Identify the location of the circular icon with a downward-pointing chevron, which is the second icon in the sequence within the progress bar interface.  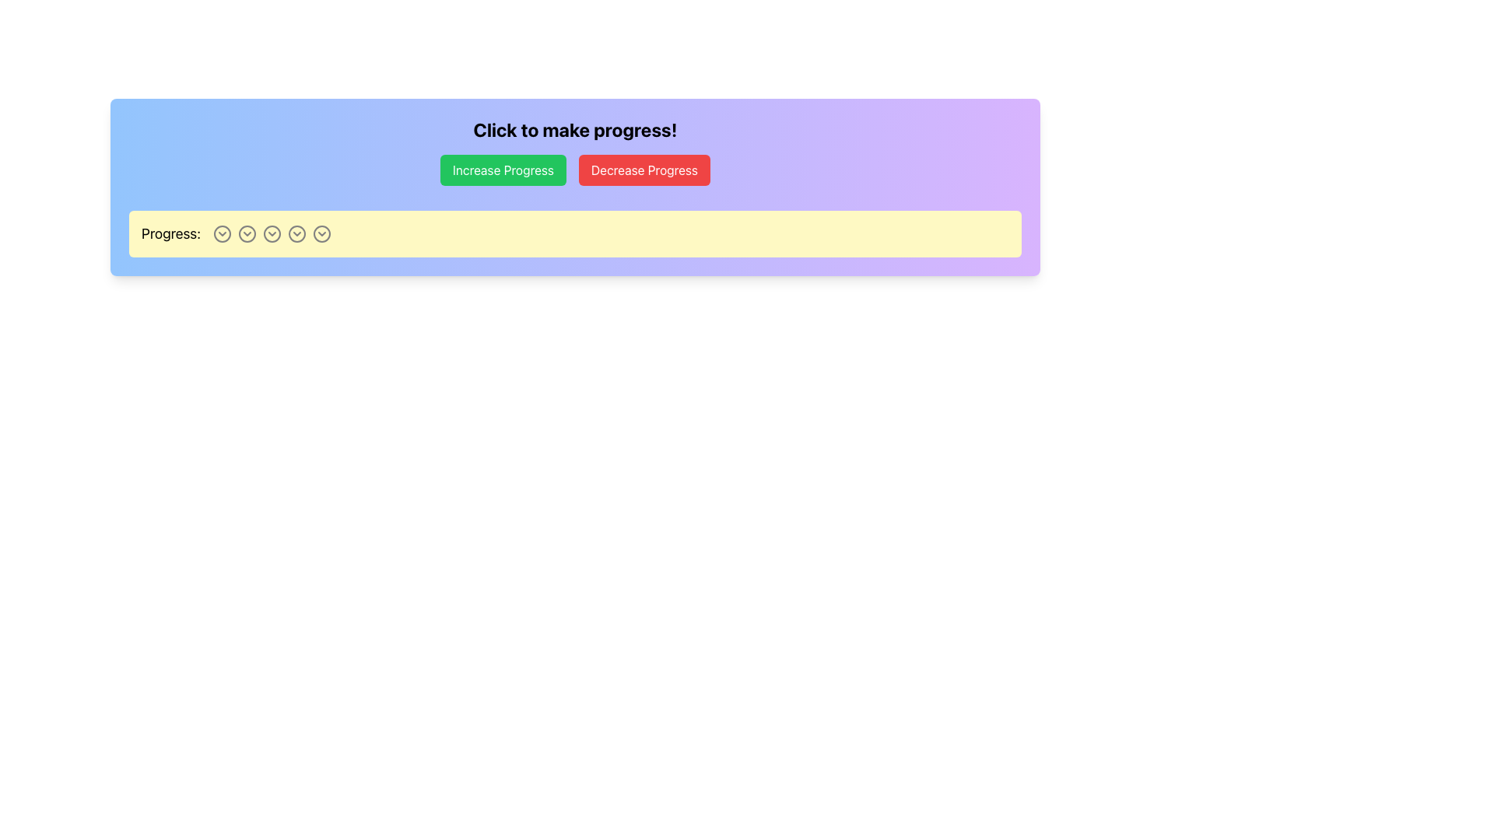
(247, 233).